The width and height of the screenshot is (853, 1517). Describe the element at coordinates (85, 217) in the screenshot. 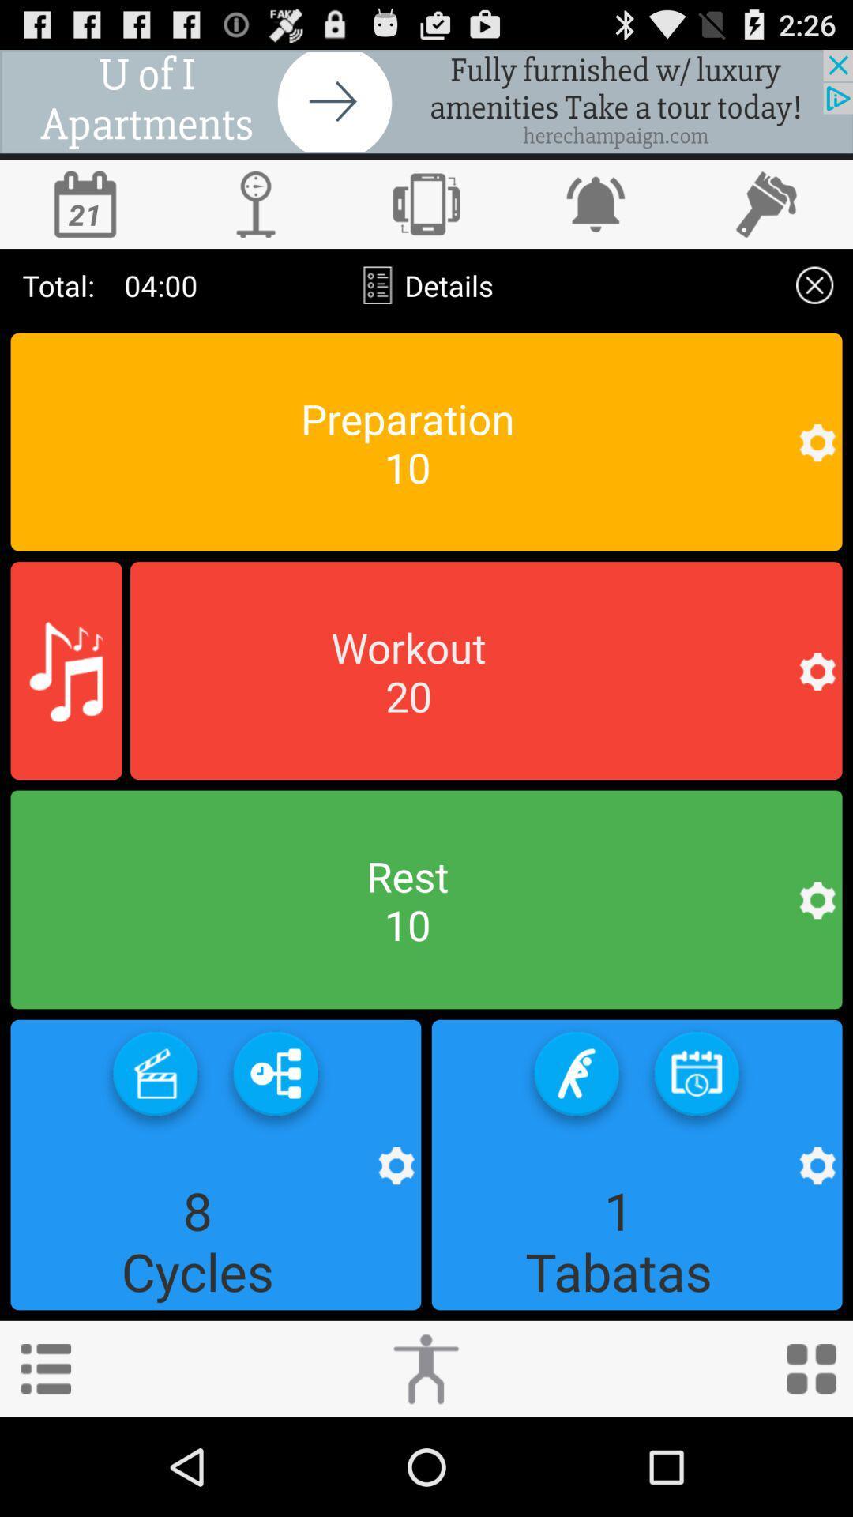

I see `the date_range icon` at that location.